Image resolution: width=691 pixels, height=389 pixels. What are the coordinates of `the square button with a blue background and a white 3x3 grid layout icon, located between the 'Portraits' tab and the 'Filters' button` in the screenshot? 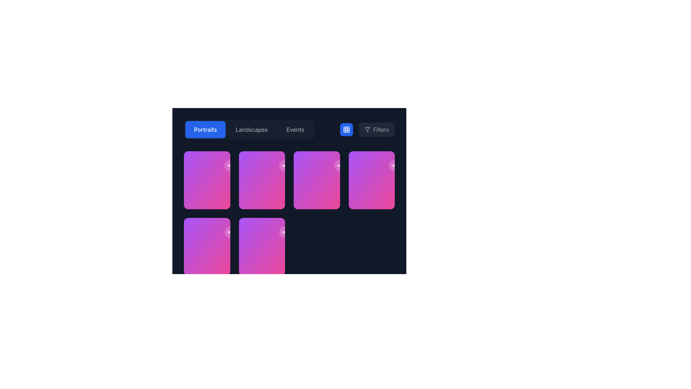 It's located at (346, 129).